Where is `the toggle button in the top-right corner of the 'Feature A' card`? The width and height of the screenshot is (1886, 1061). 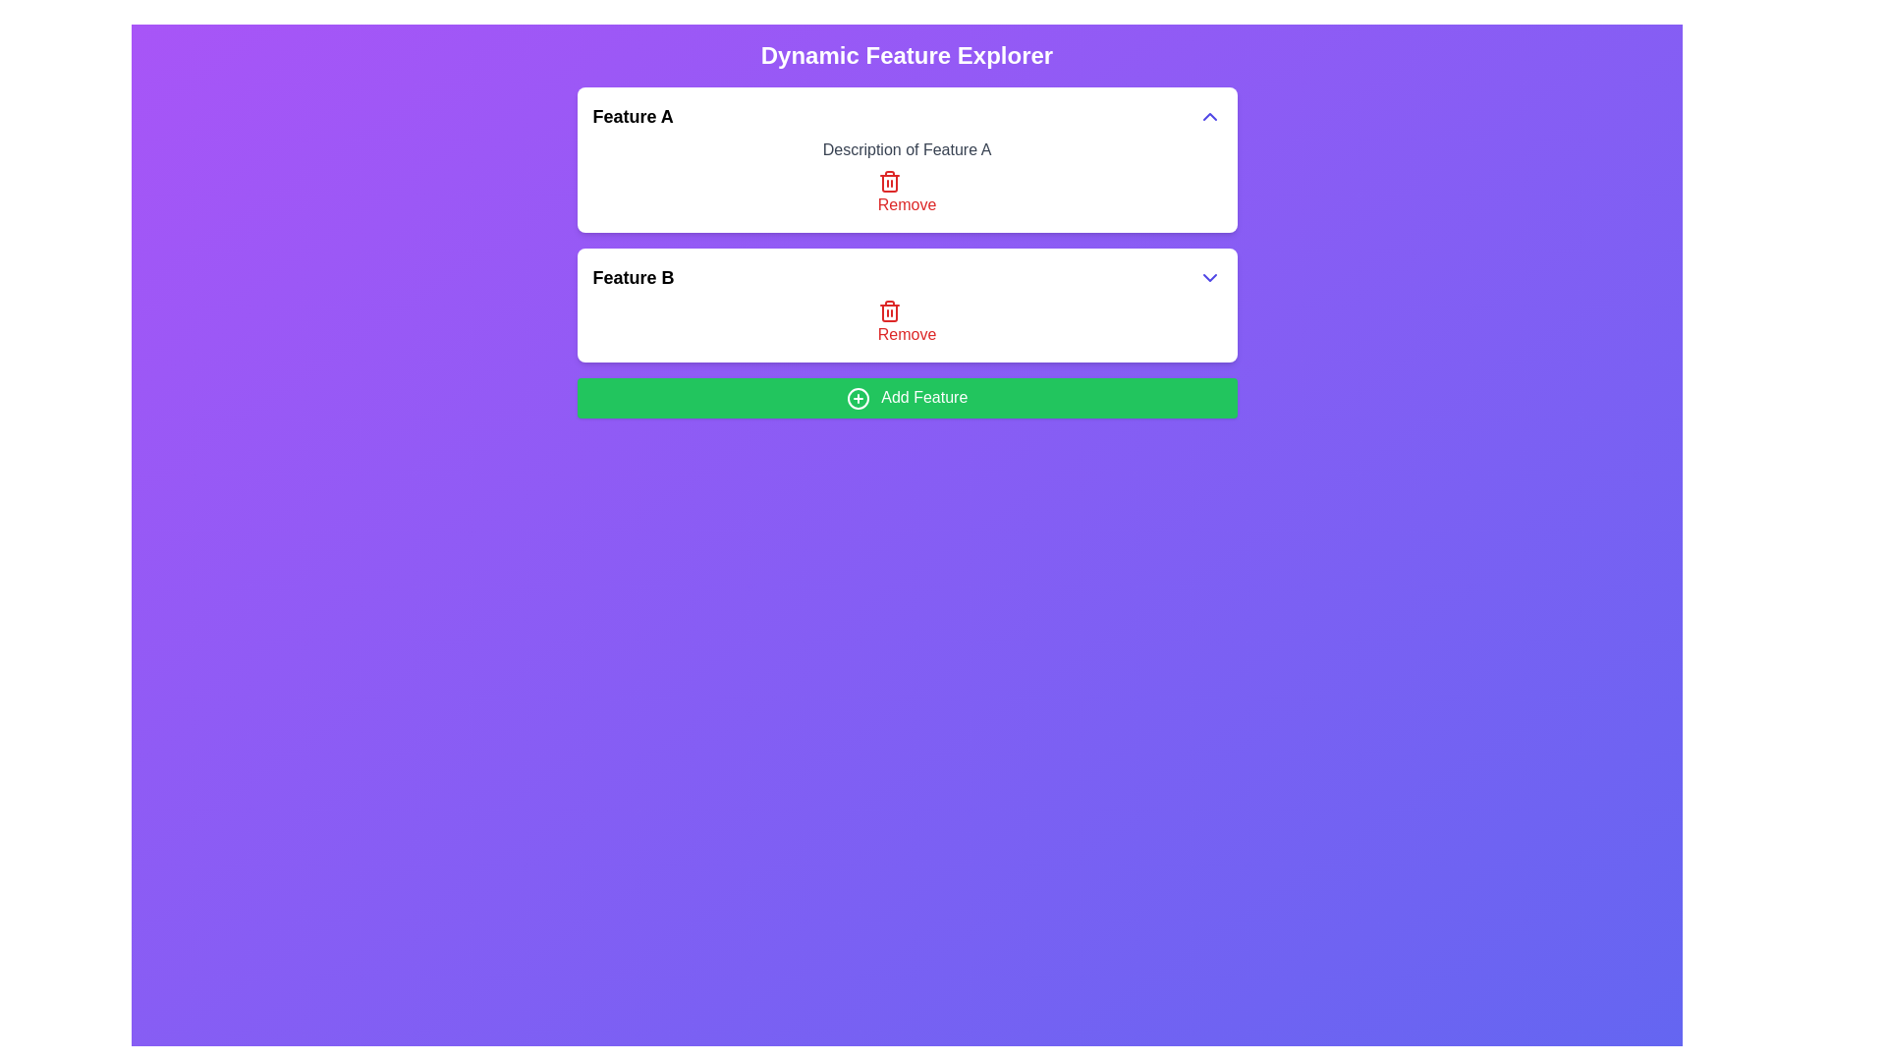
the toggle button in the top-right corner of the 'Feature A' card is located at coordinates (1208, 117).